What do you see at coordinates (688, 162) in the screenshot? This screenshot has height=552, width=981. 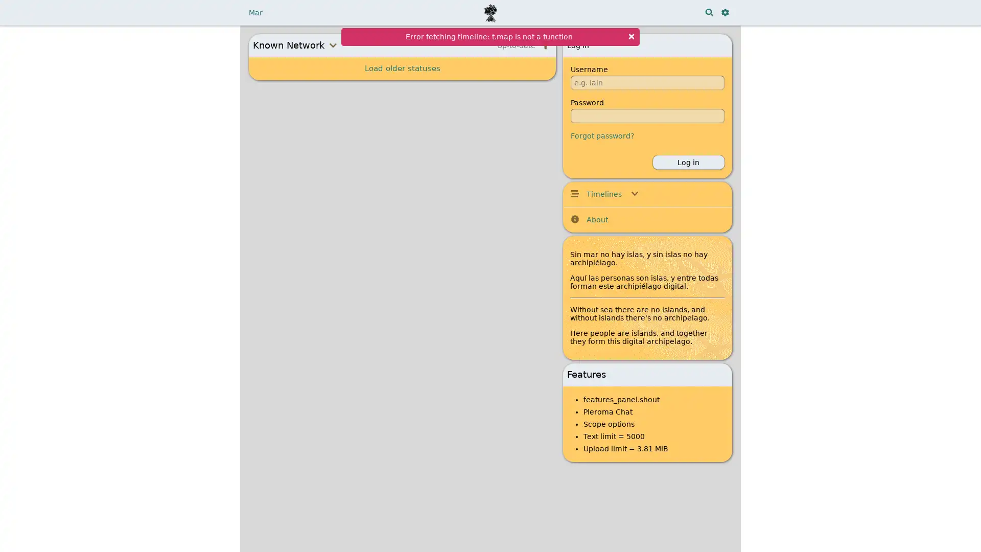 I see `Log in` at bounding box center [688, 162].